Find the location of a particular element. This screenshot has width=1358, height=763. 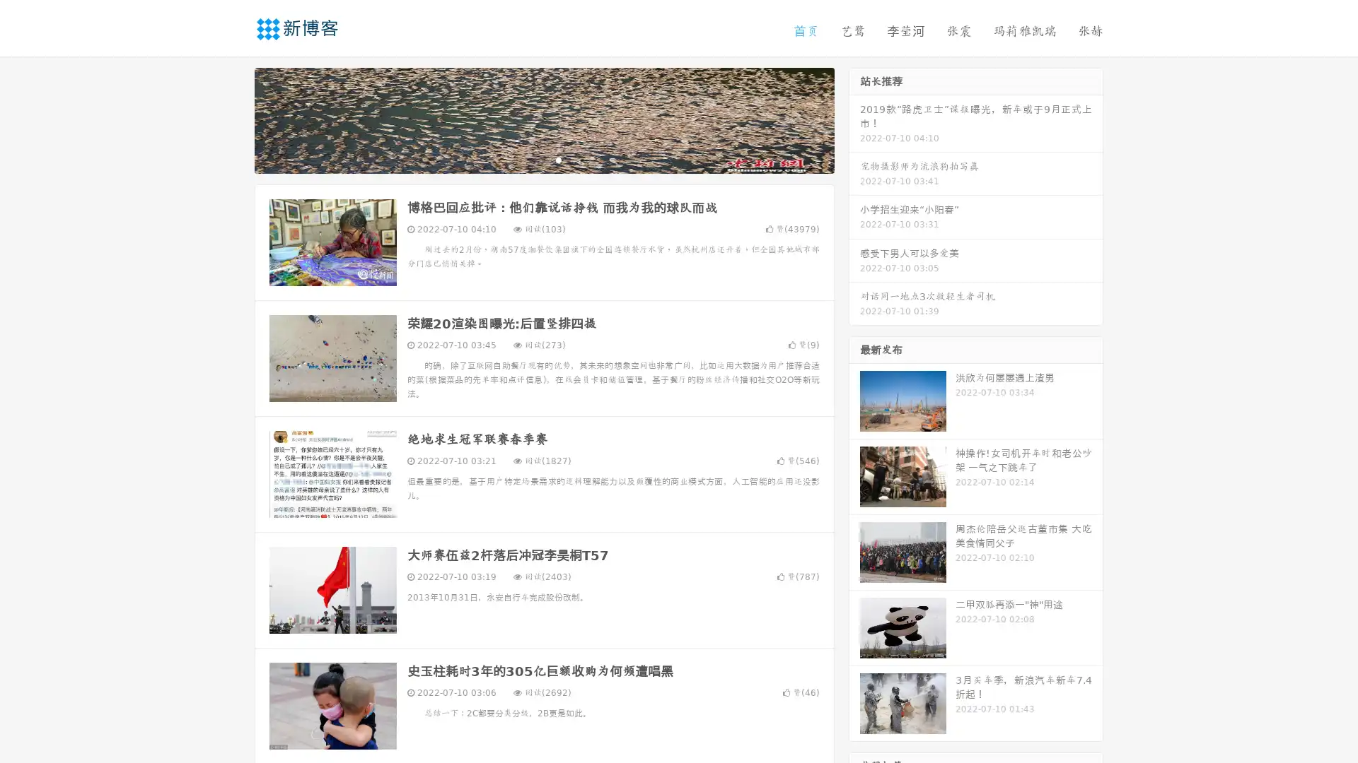

Next slide is located at coordinates (854, 119).